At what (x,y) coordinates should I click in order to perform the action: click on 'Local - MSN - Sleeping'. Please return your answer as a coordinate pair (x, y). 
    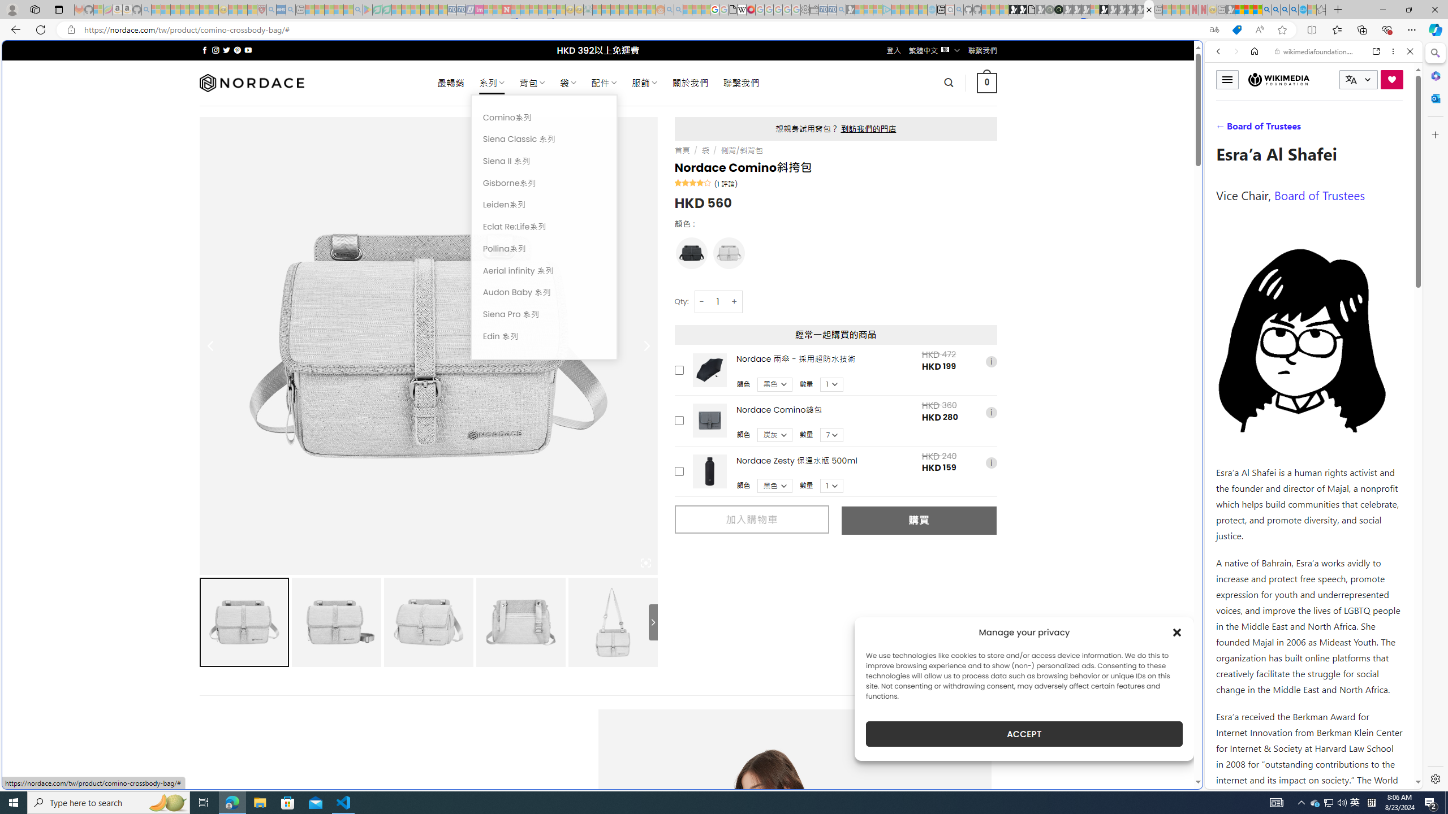
    Looking at the image, I should click on (252, 9).